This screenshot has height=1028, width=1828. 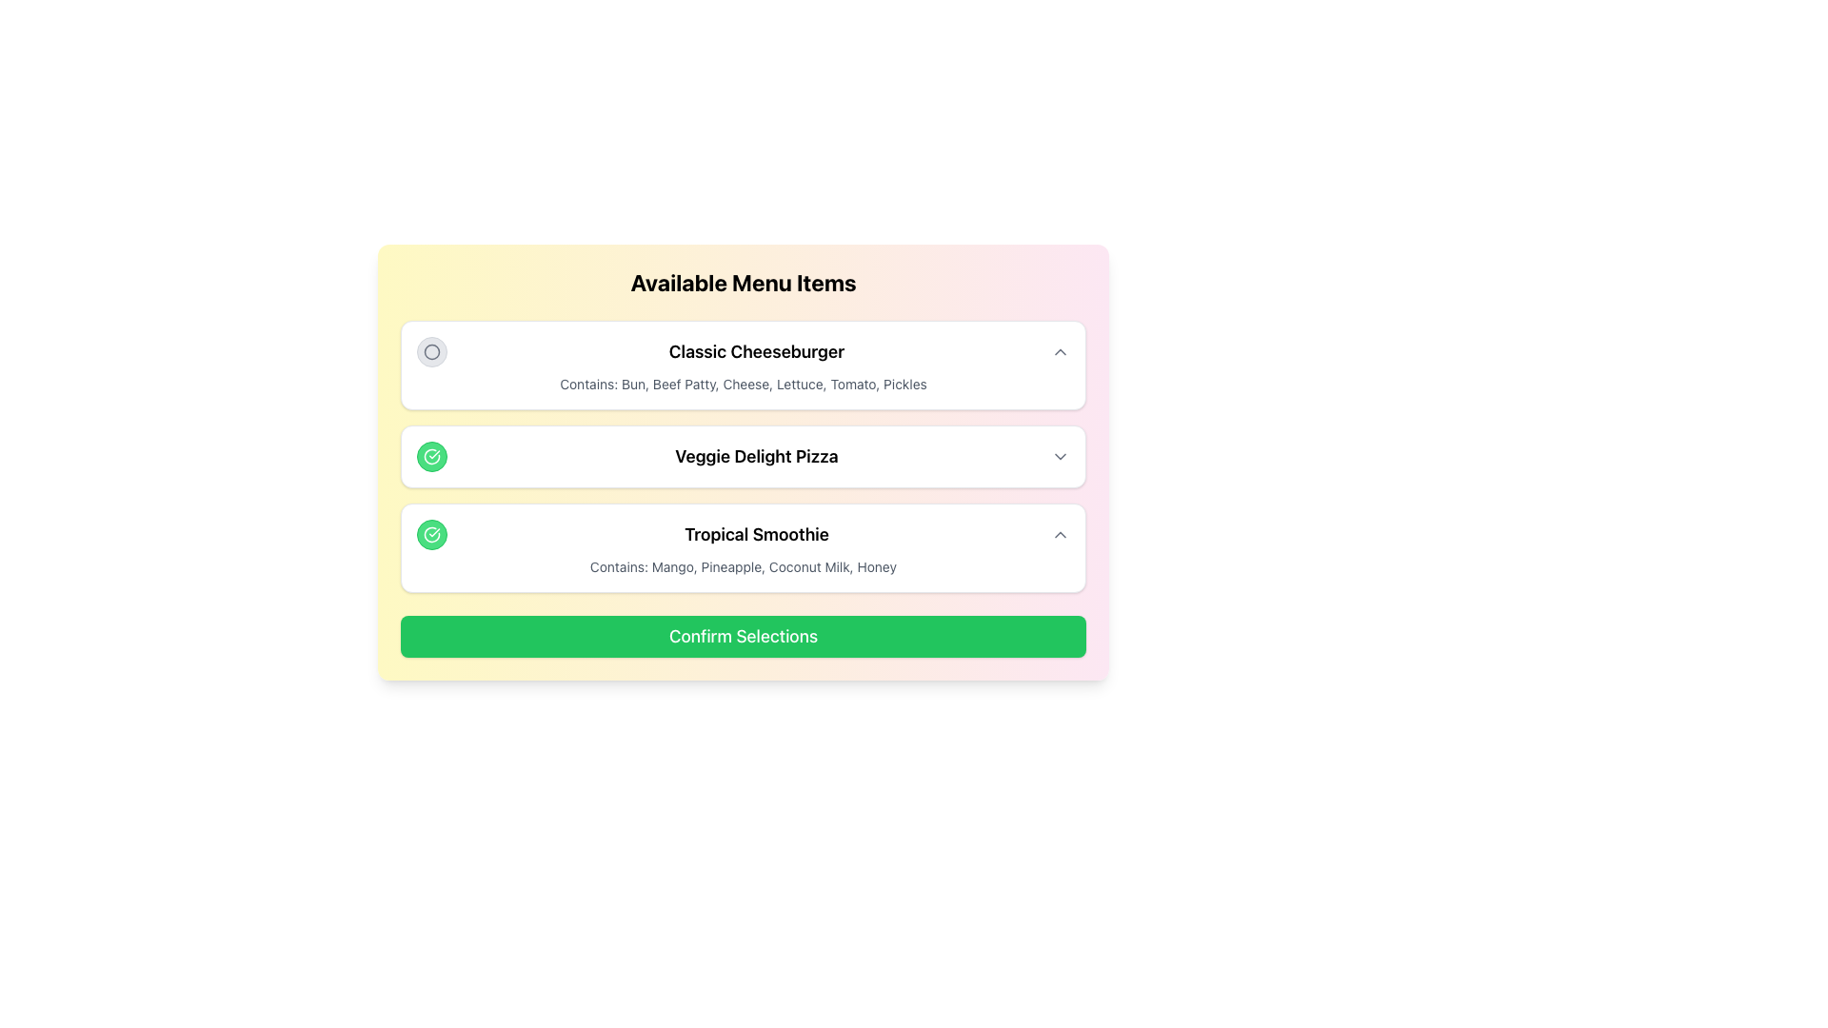 What do you see at coordinates (431, 456) in the screenshot?
I see `the third icon from the top in the vertical list of menu items, located to the left of the 'Tropical Smoothie' text` at bounding box center [431, 456].